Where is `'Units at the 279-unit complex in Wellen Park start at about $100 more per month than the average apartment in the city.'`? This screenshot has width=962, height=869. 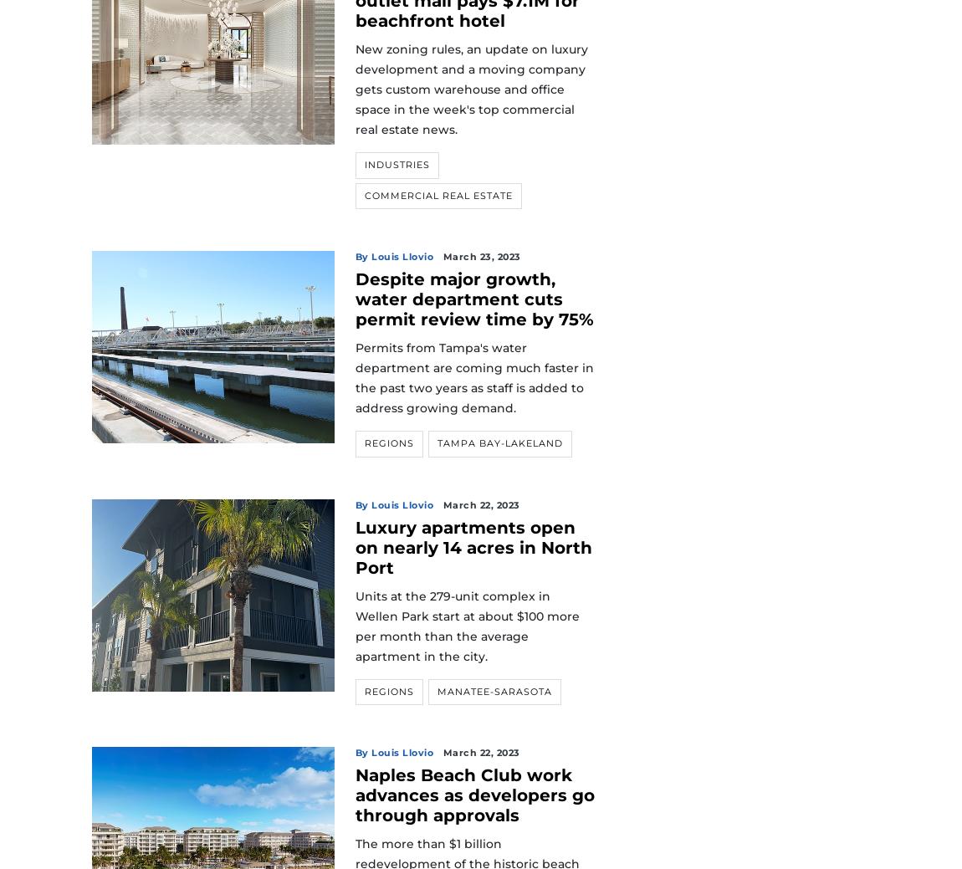 'Units at the 279-unit complex in Wellen Park start at about $100 more per month than the average apartment in the city.' is located at coordinates (466, 624).